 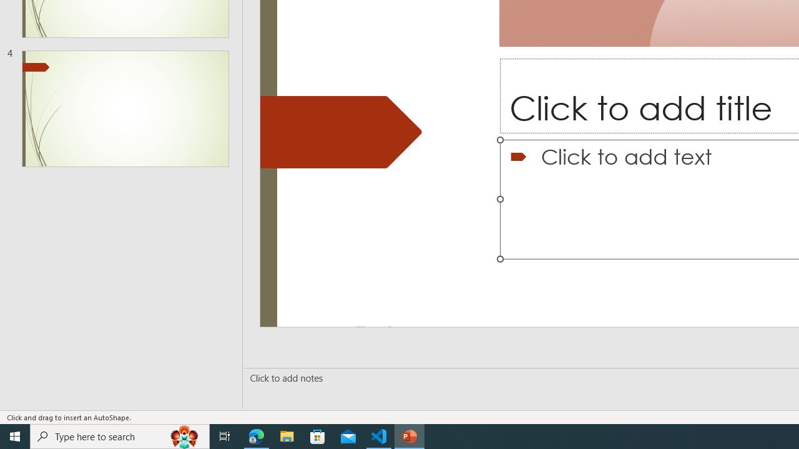 What do you see at coordinates (125, 108) in the screenshot?
I see `'Slide'` at bounding box center [125, 108].